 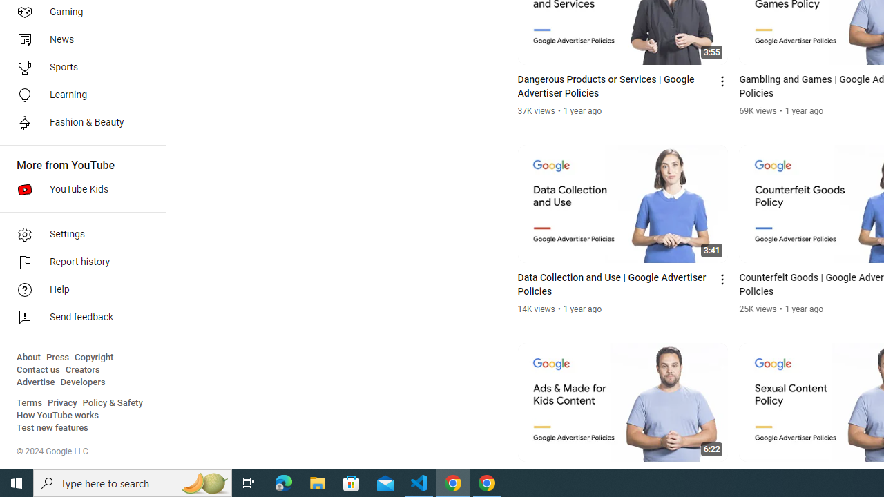 I want to click on 'Help', so click(x=77, y=289).